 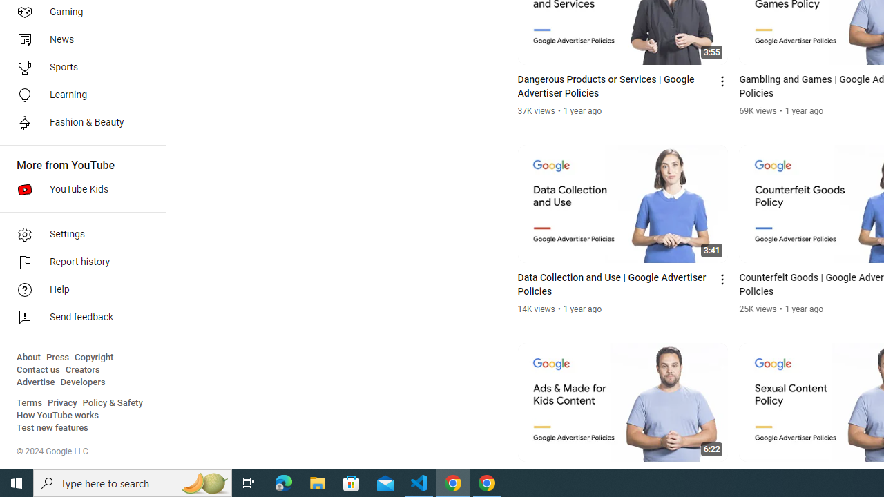 I want to click on 'Help', so click(x=77, y=289).